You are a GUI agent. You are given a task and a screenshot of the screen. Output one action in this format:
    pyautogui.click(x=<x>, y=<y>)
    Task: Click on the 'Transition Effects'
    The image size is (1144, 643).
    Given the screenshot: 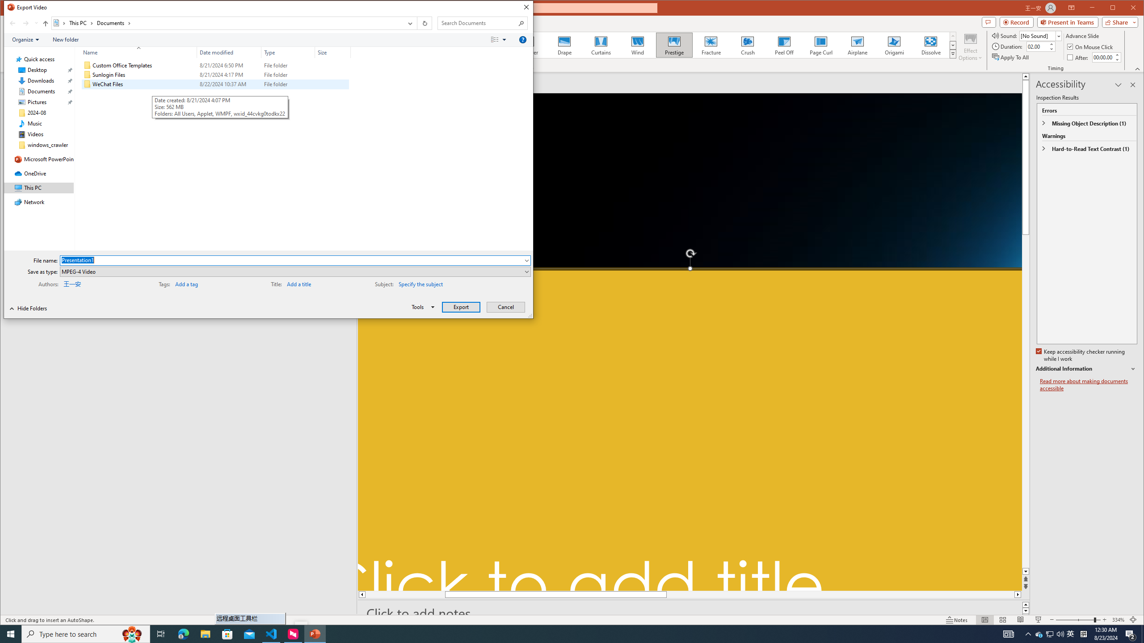 What is the action you would take?
    pyautogui.click(x=952, y=53)
    